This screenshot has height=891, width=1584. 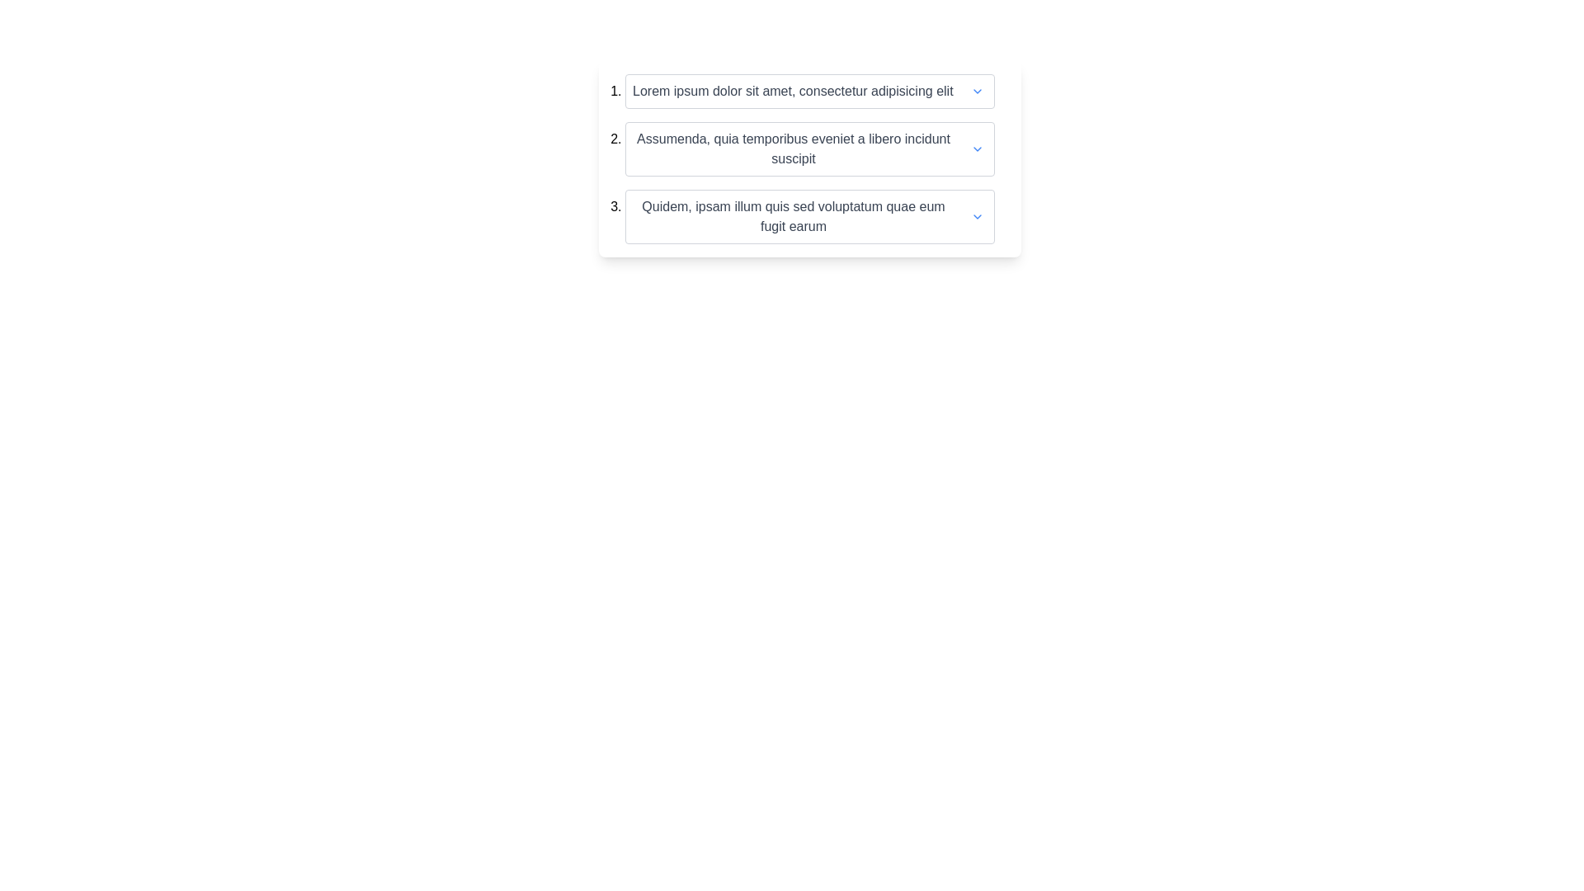 What do you see at coordinates (978, 215) in the screenshot?
I see `the small blue chevron icon on the far right` at bounding box center [978, 215].